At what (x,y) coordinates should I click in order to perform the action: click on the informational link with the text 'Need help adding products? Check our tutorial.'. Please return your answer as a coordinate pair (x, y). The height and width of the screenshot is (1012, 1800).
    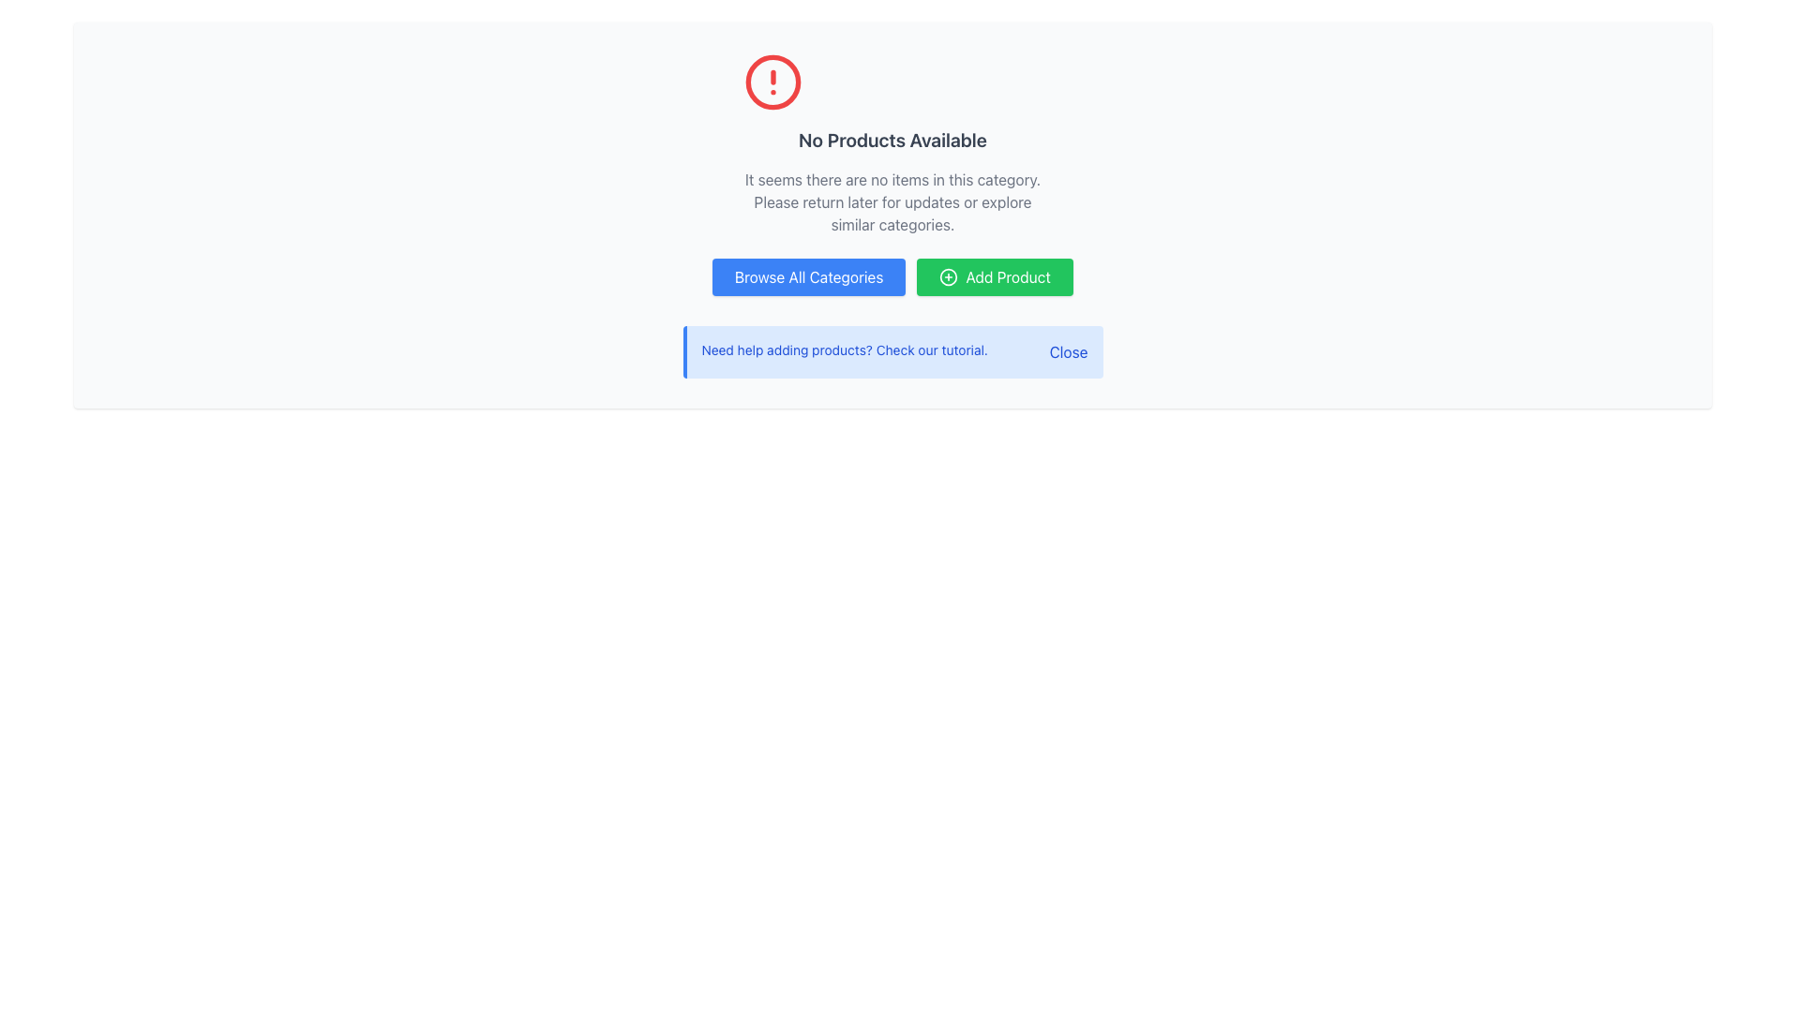
    Looking at the image, I should click on (844, 351).